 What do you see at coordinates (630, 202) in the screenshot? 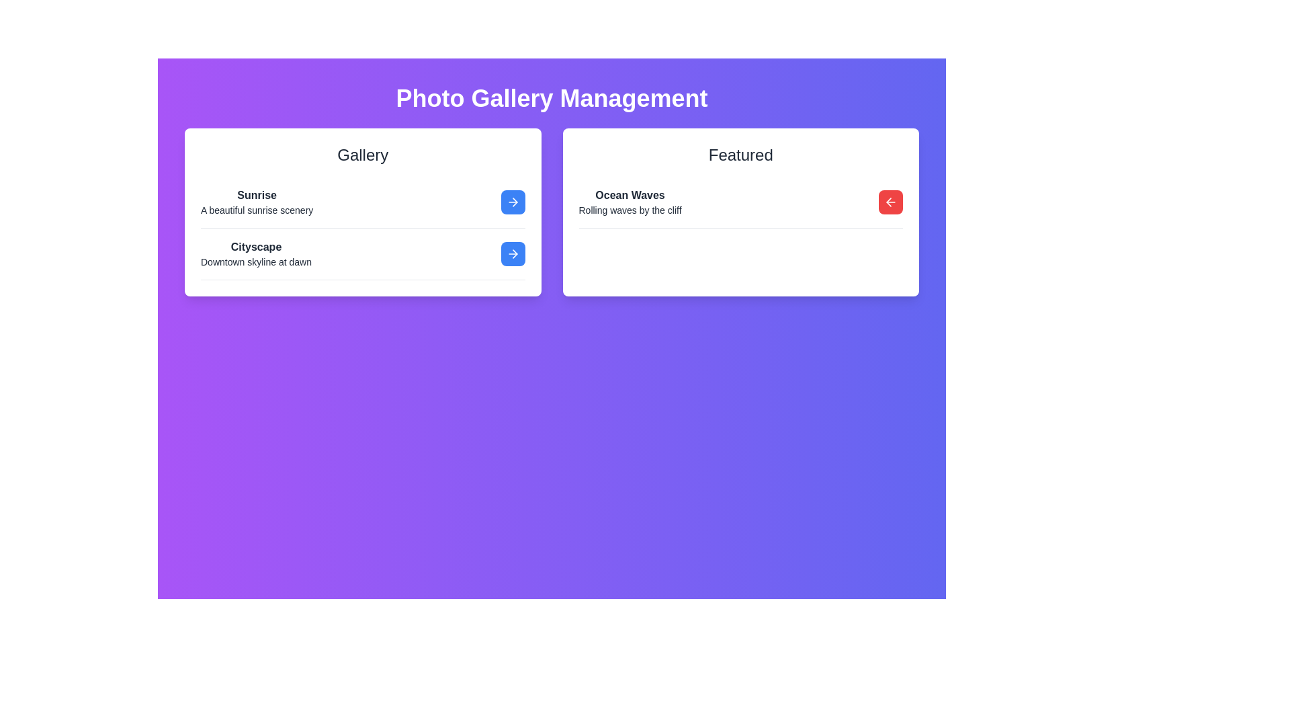
I see `the text block titled 'Ocean Waves' with the subtitle 'Rolling waves by the cliff' located in the 'Featured' section, positioned to the left of a red button with an arrow icon` at bounding box center [630, 202].